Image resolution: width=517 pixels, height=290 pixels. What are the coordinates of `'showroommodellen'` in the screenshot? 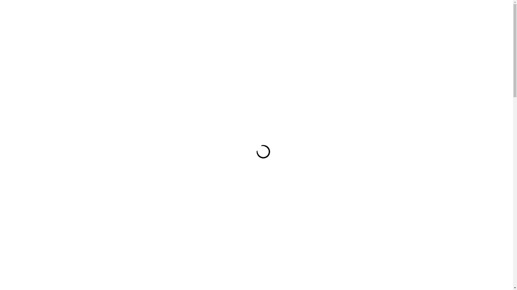 It's located at (176, 19).